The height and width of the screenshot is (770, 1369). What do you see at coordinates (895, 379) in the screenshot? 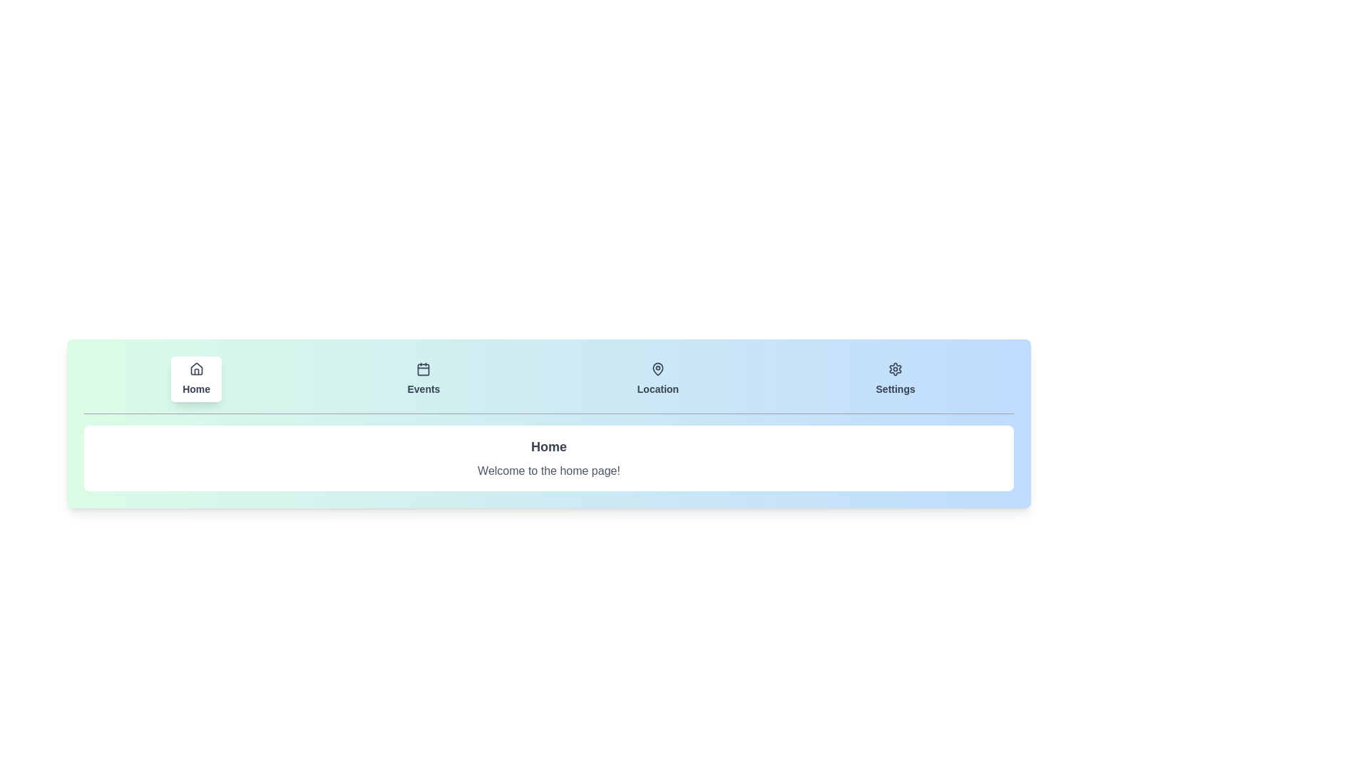
I see `the tab corresponding to Settings` at bounding box center [895, 379].